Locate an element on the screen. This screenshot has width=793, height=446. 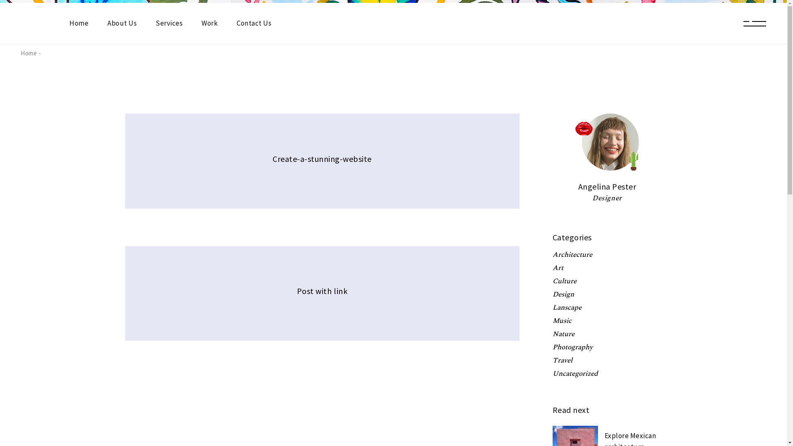
'Architecture' is located at coordinates (572, 254).